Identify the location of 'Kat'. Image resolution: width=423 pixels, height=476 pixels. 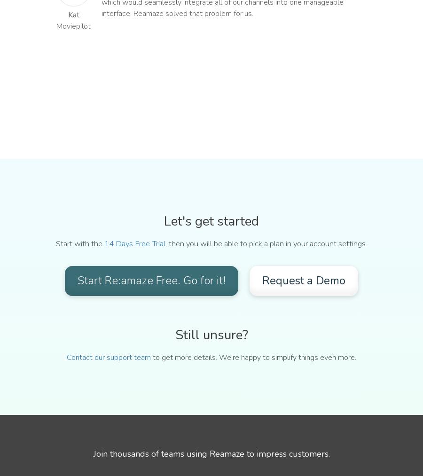
(73, 14).